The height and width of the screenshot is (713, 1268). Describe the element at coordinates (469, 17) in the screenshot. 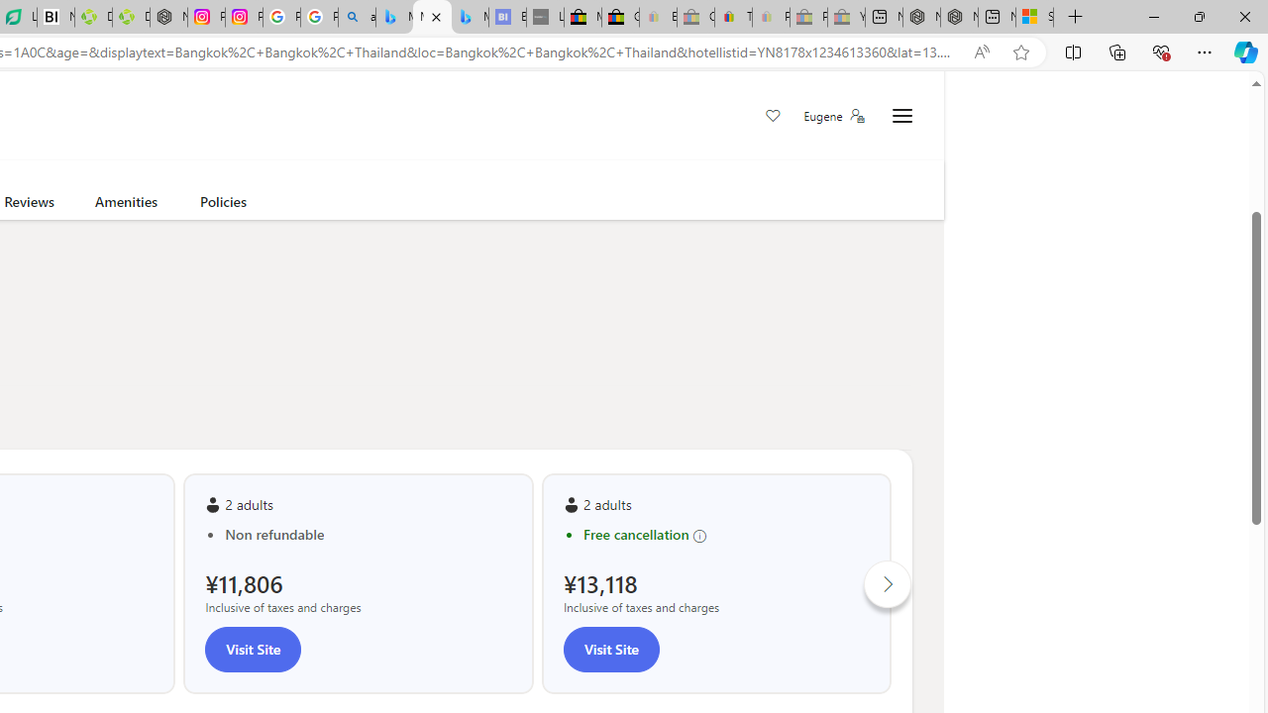

I see `'Microsoft Bing Travel - Shangri-La Hotel Bangkok'` at that location.